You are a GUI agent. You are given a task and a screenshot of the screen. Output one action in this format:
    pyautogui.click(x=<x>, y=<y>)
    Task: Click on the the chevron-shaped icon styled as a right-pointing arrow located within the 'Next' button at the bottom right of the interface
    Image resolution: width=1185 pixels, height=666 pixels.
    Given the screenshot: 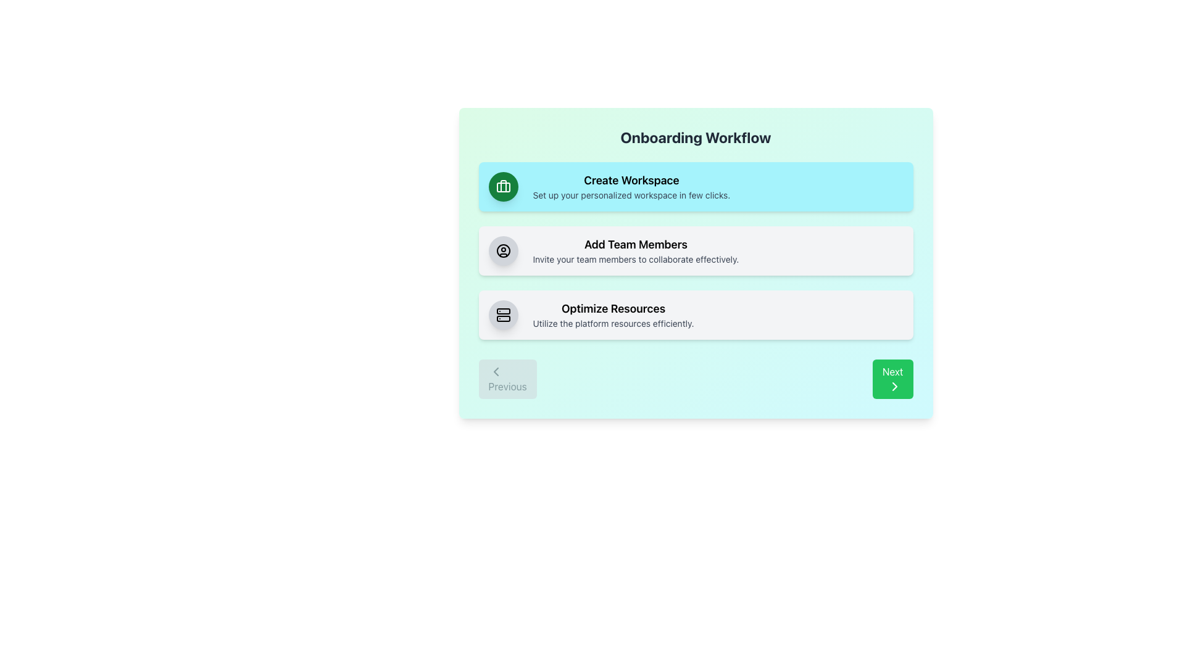 What is the action you would take?
    pyautogui.click(x=894, y=386)
    